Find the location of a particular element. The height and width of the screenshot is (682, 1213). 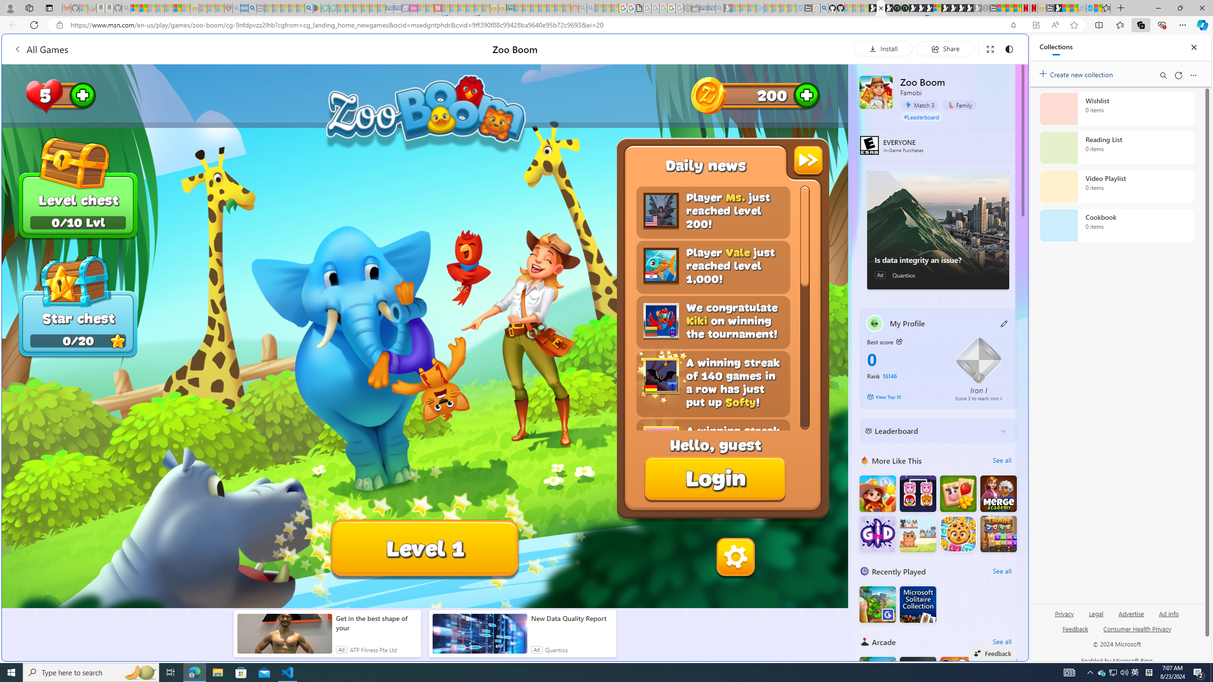

'Class: button edit-icon' is located at coordinates (1004, 323).